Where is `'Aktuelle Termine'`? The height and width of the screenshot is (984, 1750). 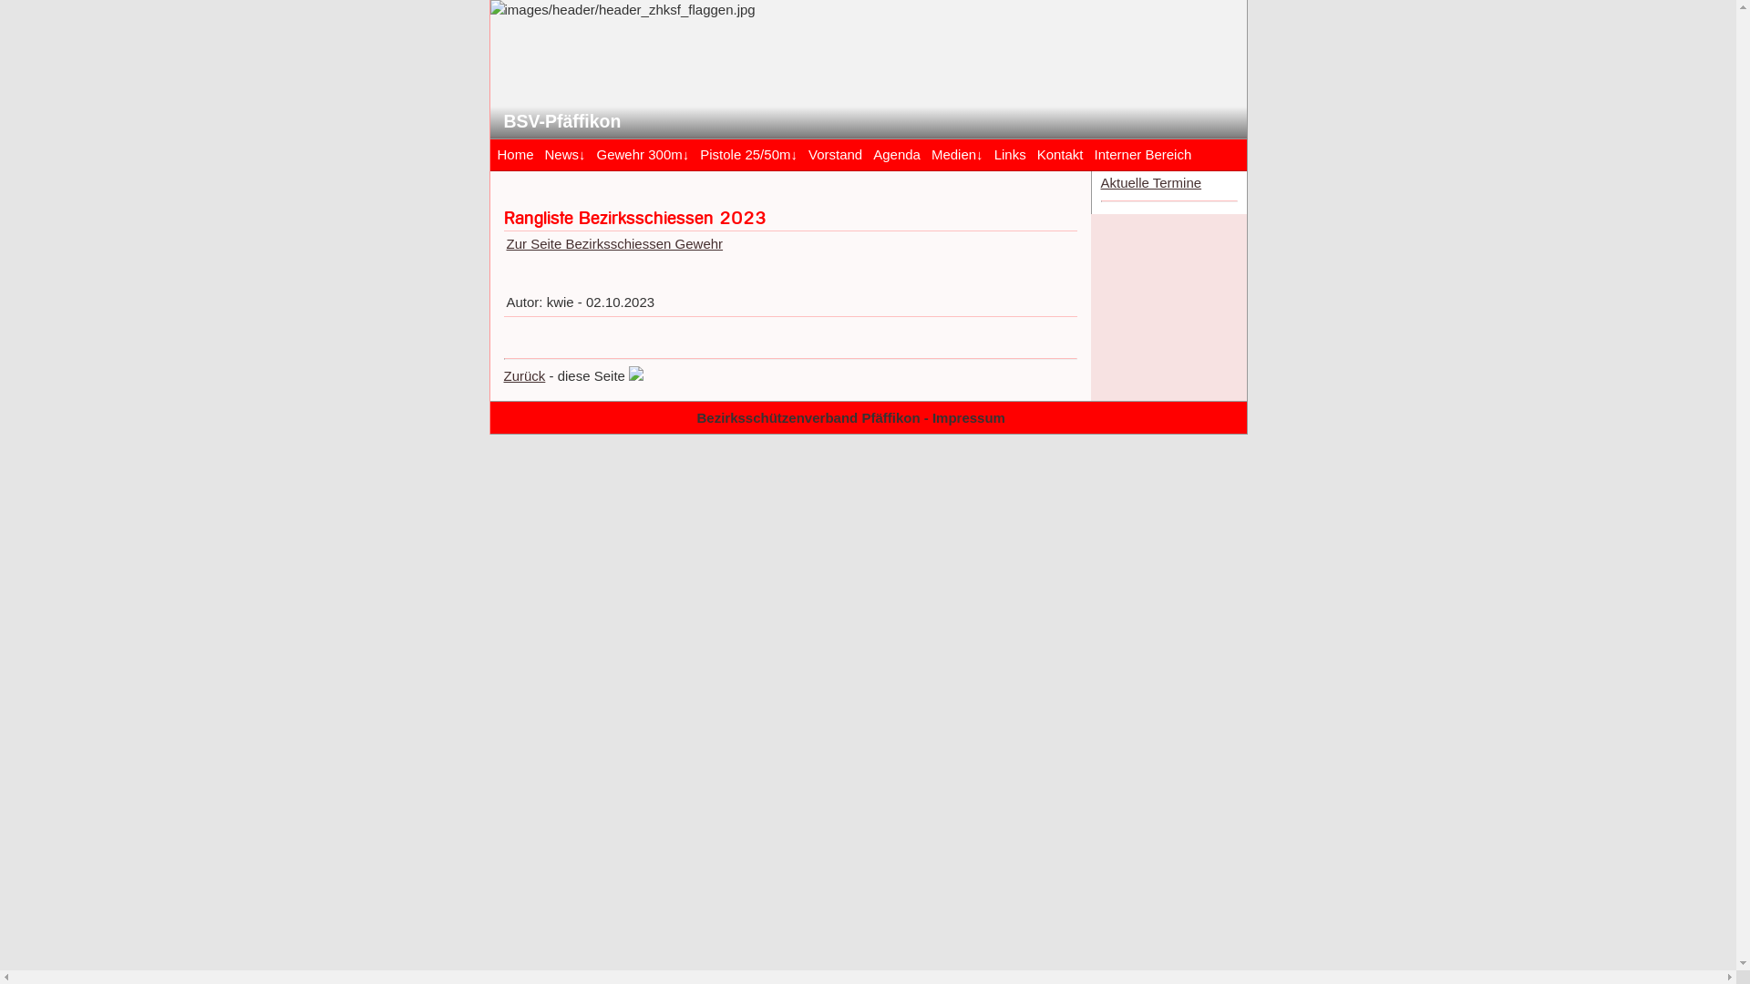 'Aktuelle Termine' is located at coordinates (1150, 182).